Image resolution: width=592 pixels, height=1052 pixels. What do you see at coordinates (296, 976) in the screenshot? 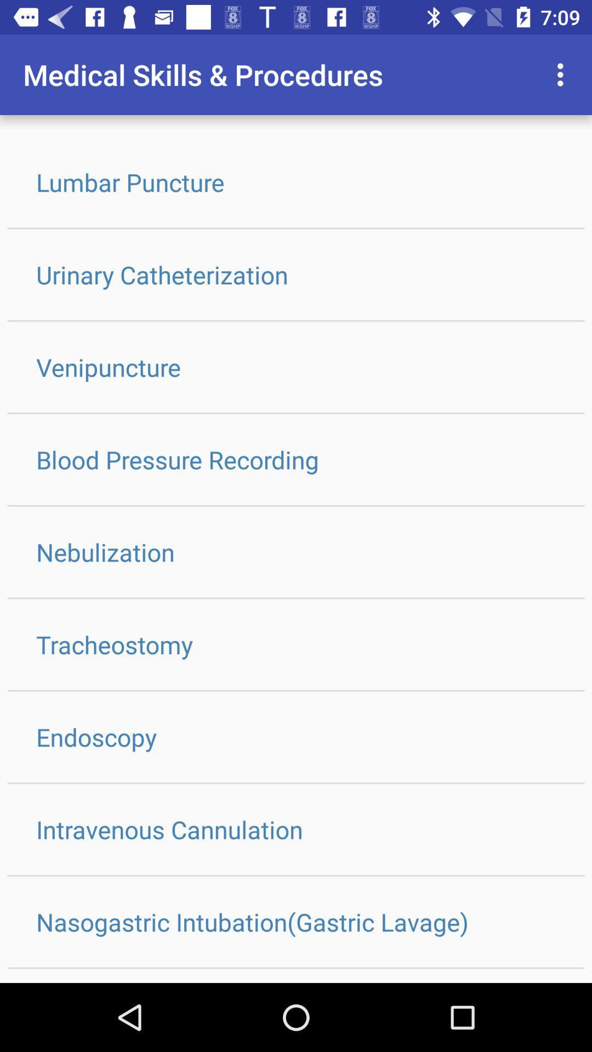
I see `icon below nasogastric intubation gastric item` at bounding box center [296, 976].